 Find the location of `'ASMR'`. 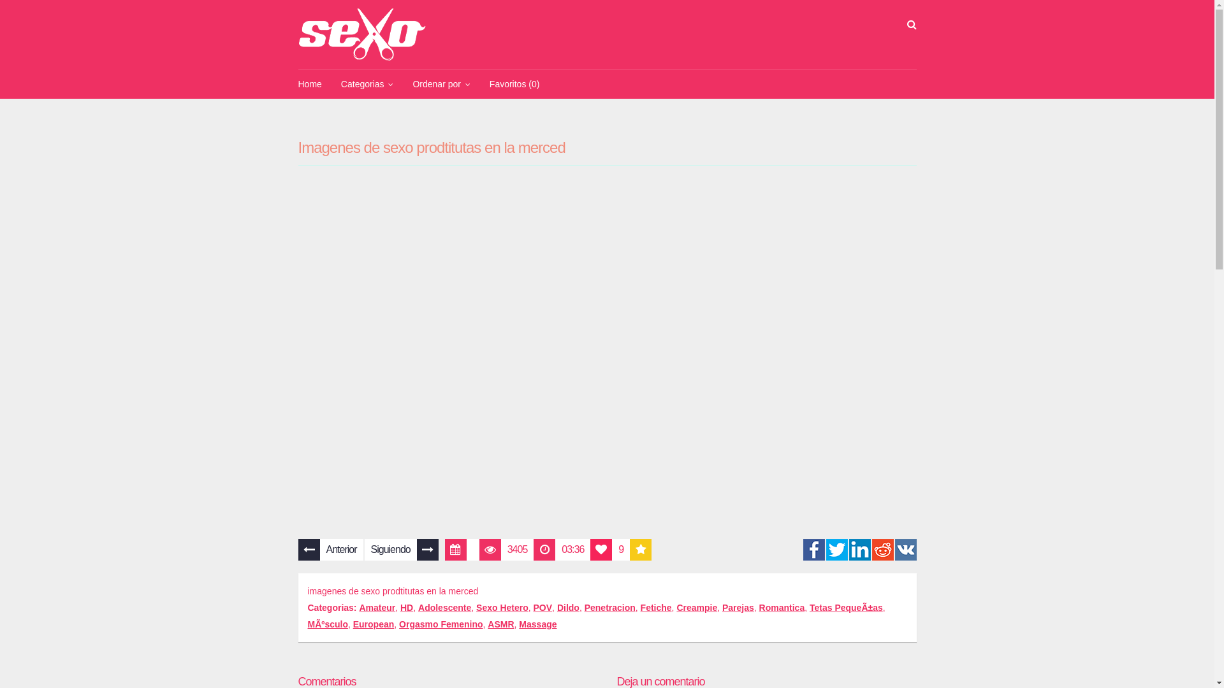

'ASMR' is located at coordinates (500, 623).